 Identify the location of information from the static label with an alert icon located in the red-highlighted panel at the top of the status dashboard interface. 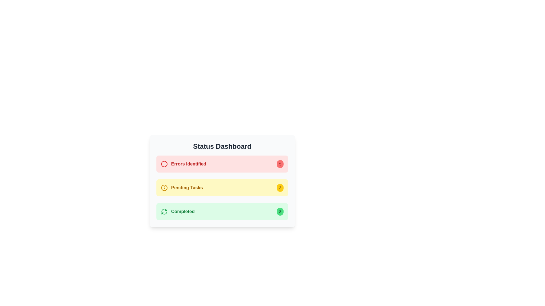
(183, 164).